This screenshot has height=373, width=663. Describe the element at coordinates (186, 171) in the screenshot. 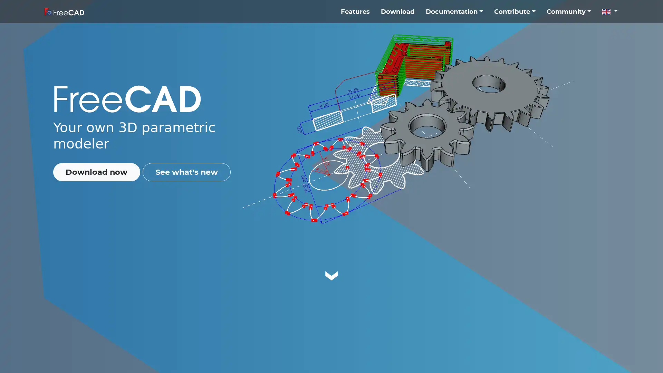

I see `See what's new` at that location.